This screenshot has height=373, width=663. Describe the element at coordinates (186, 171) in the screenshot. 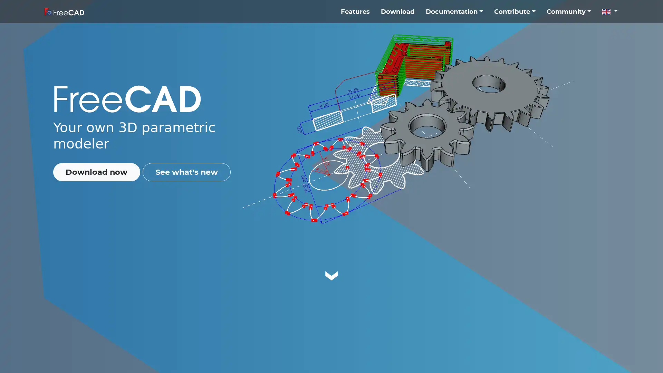

I see `See what's new` at that location.